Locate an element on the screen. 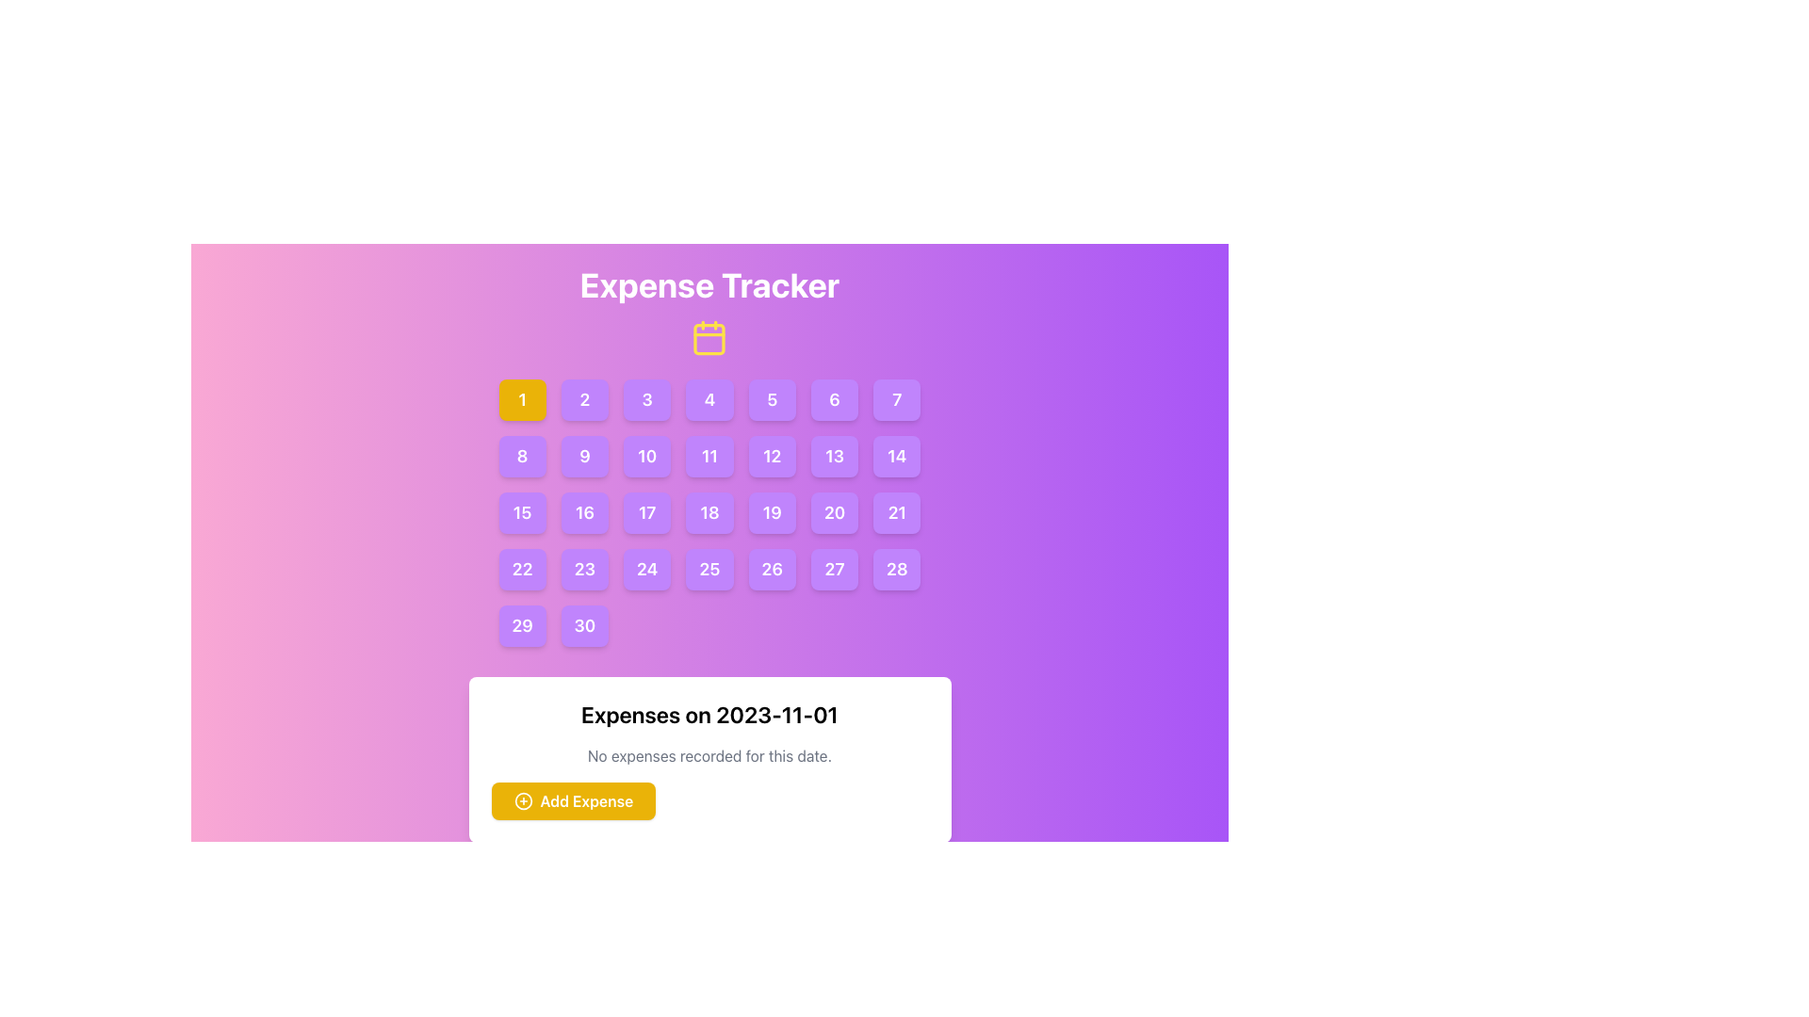 This screenshot has height=1017, width=1809. the button displaying the number '22' with a purple background is located at coordinates (522, 569).